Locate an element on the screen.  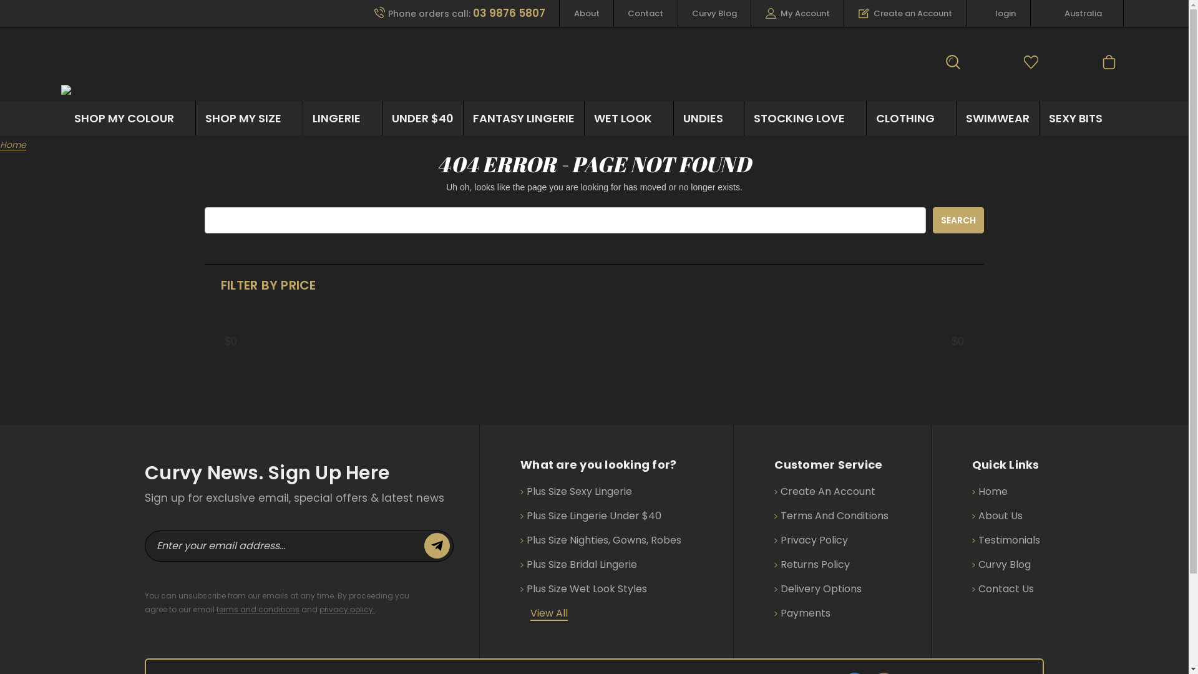
'Plus Size Lingerie Under $40' is located at coordinates (590, 515).